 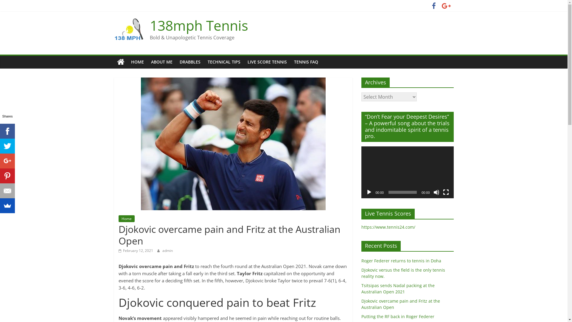 I want to click on 'Djokovic versus the field is the only tennis reality now.', so click(x=403, y=273).